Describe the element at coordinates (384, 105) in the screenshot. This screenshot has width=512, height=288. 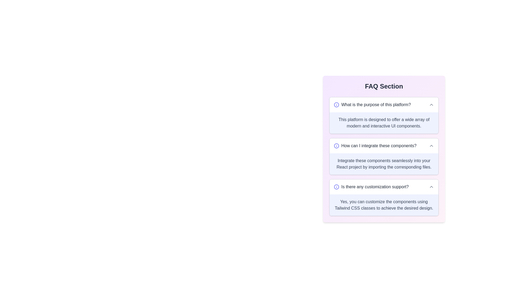
I see `the Collapsible Section Header containing the question 'What is the purpose of this platform?'` at that location.